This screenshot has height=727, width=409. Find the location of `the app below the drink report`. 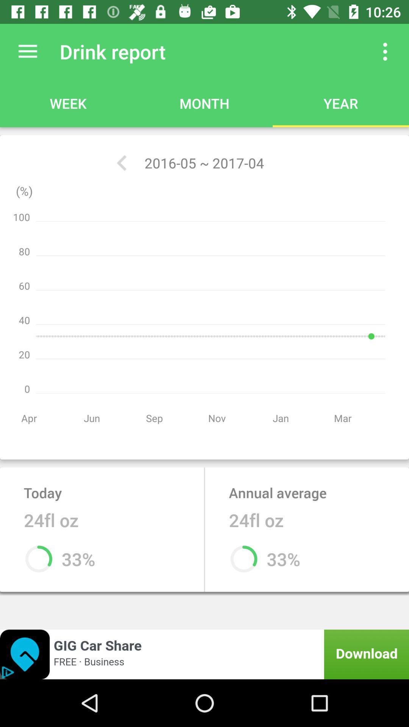

the app below the drink report is located at coordinates (121, 162).